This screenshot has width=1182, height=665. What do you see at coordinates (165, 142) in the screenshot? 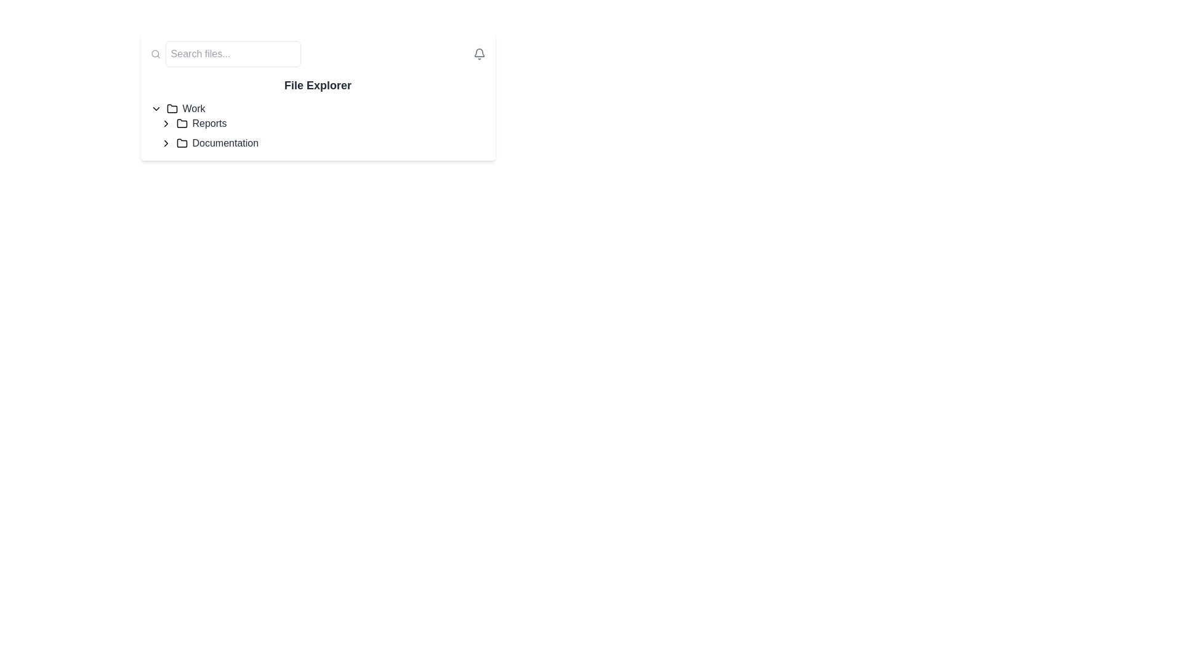
I see `the chevron icon used for expanding or collapsing the 'Reports' folder in the file explorer as part of keyboard navigation` at bounding box center [165, 142].